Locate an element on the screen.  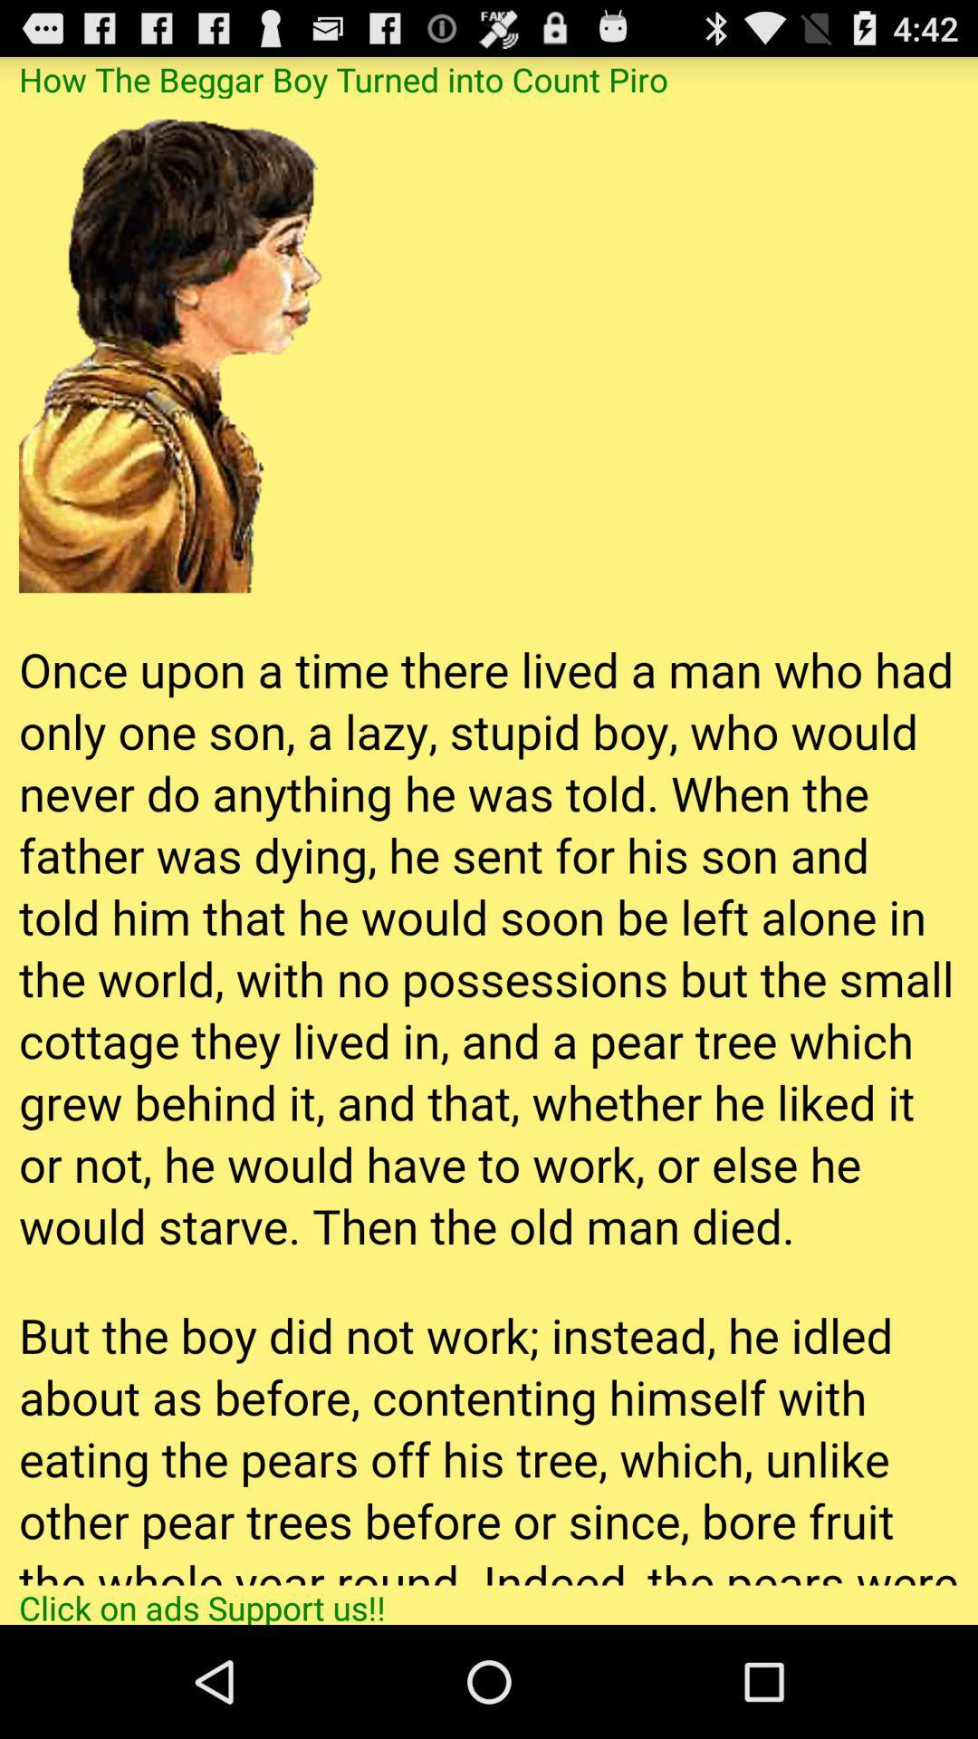
item at the center is located at coordinates (489, 841).